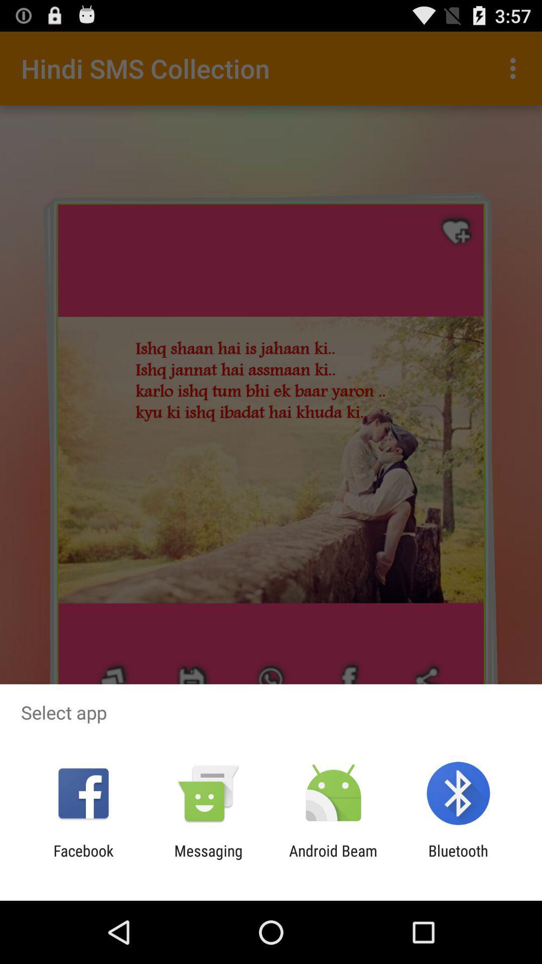 This screenshot has height=964, width=542. I want to click on the facebook item, so click(83, 859).